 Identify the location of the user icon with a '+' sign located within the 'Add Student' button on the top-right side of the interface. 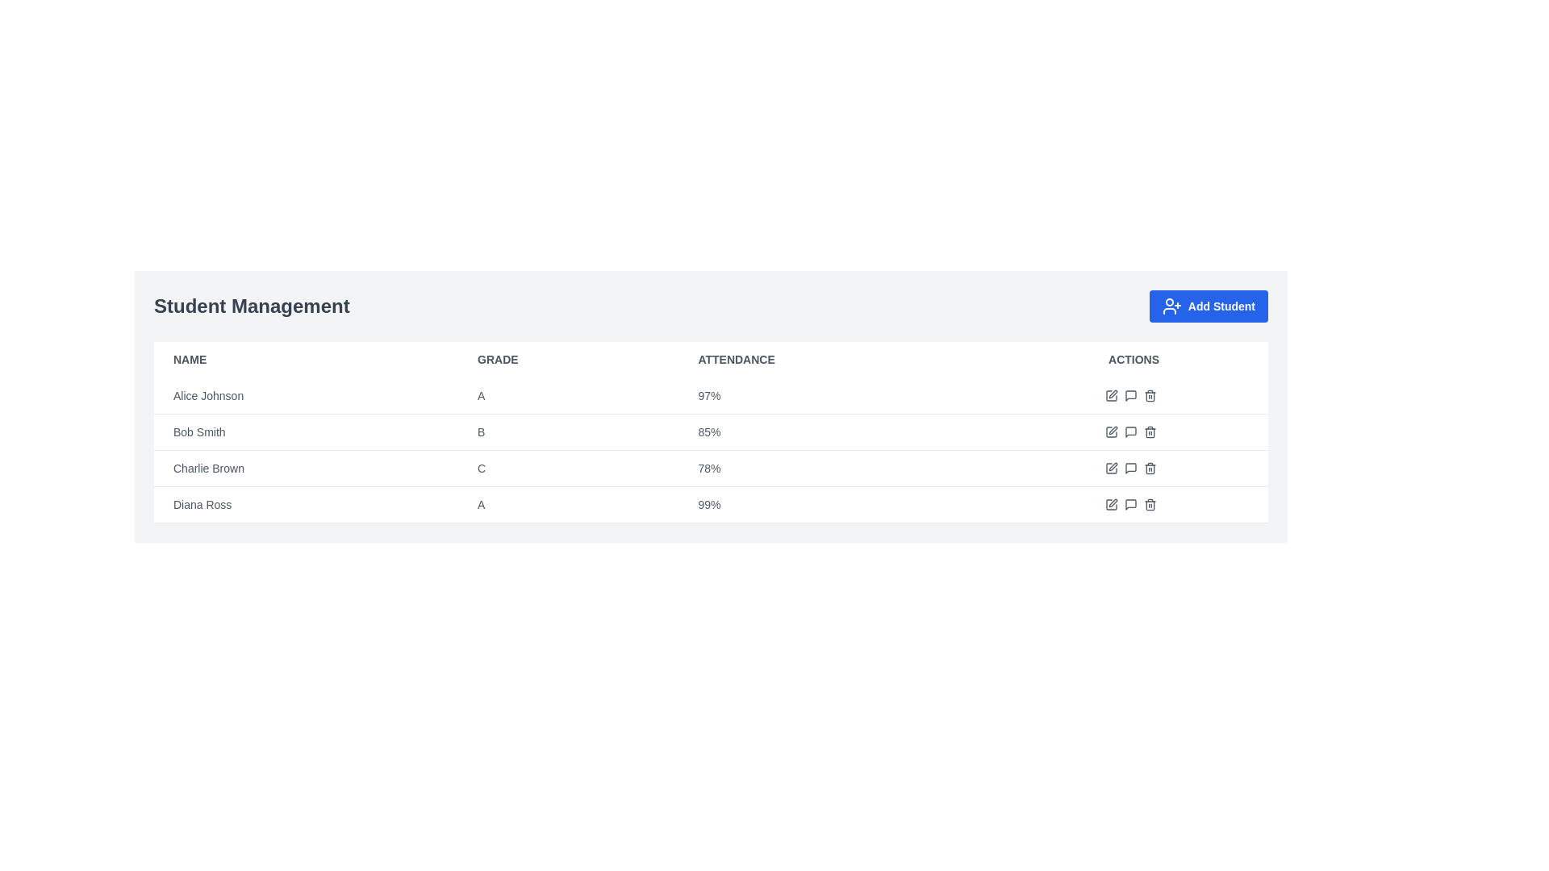
(1171, 306).